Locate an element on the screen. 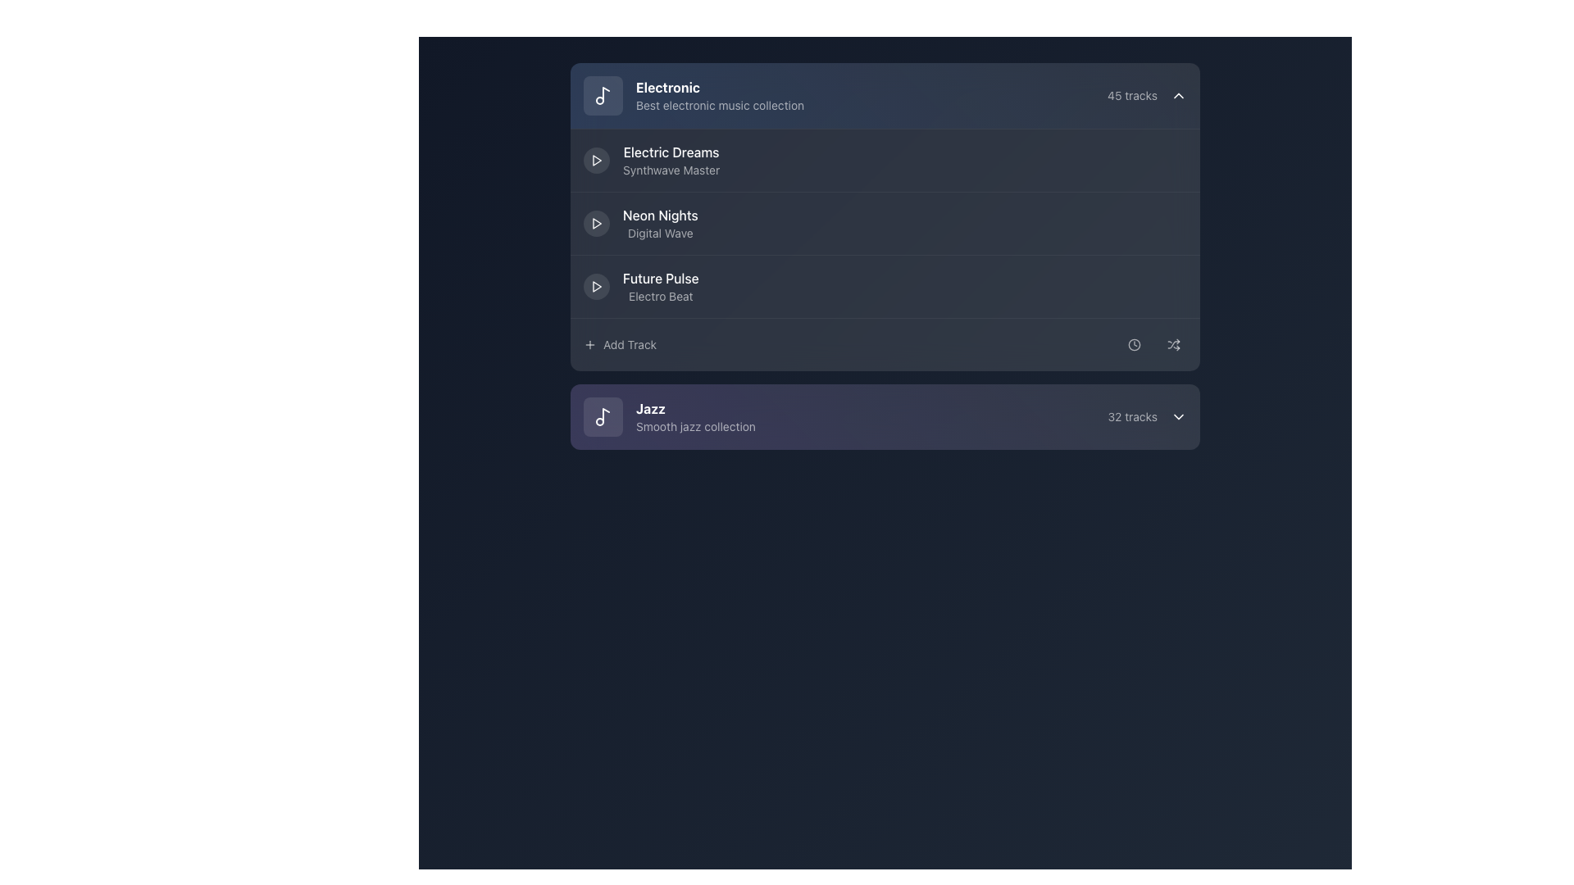 This screenshot has width=1574, height=885. the 'Electronic' text is located at coordinates (694, 95).